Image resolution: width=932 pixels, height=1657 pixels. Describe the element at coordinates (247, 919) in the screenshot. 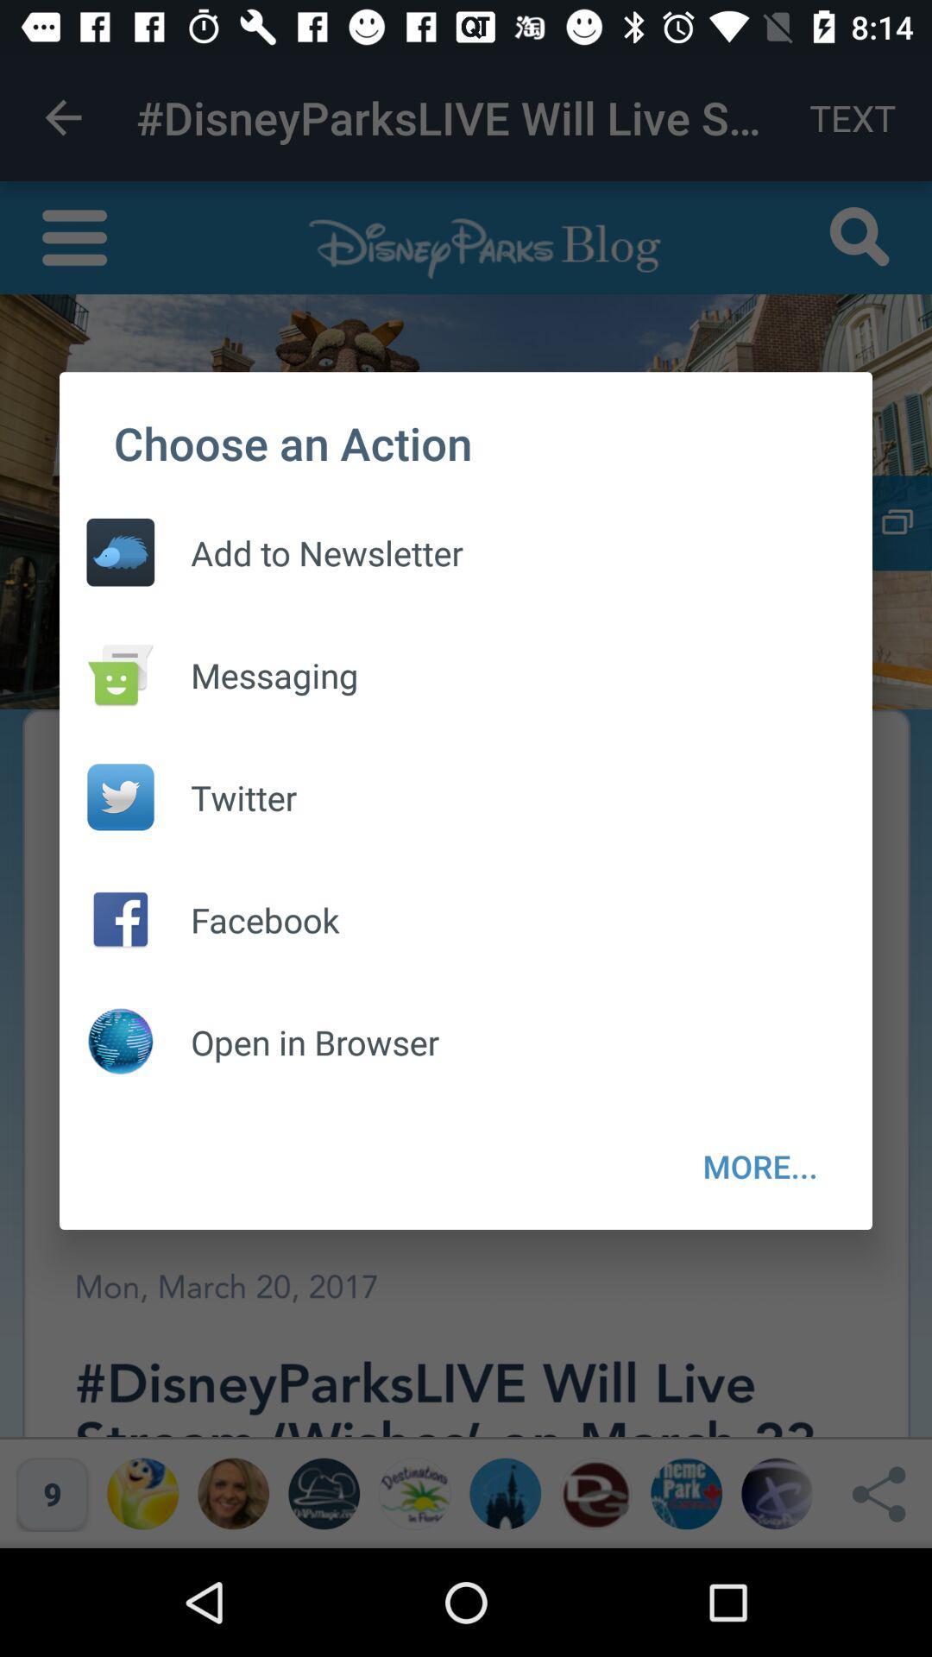

I see `facebook item` at that location.